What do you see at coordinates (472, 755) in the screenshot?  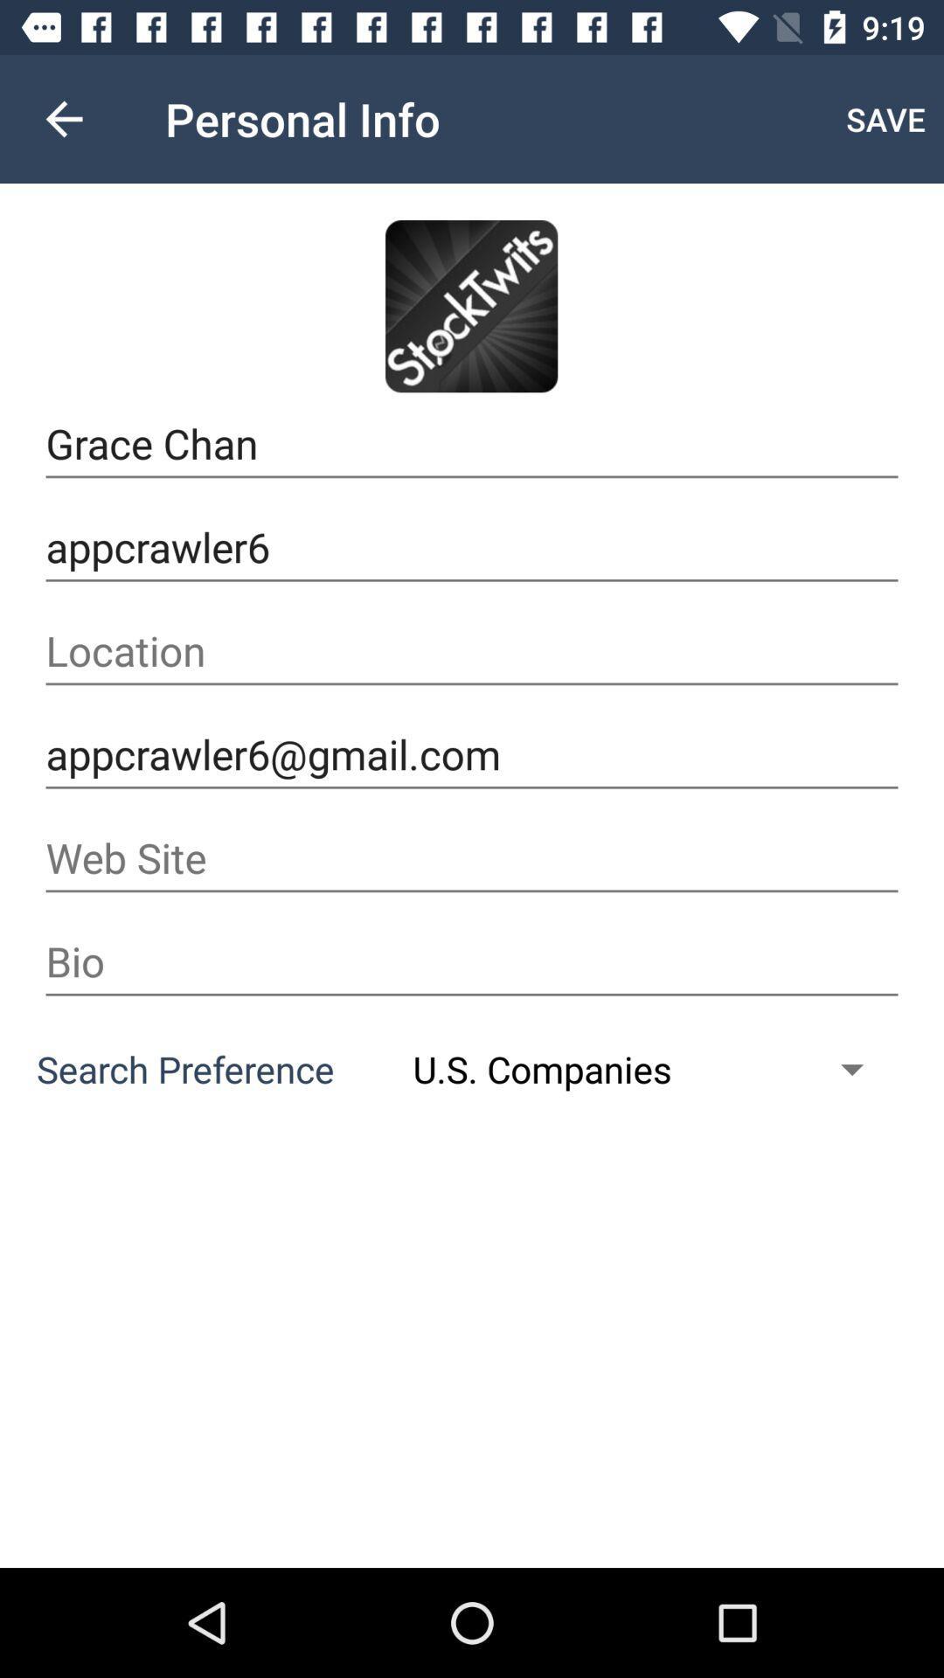 I see `appcrawler6@gmail.com` at bounding box center [472, 755].